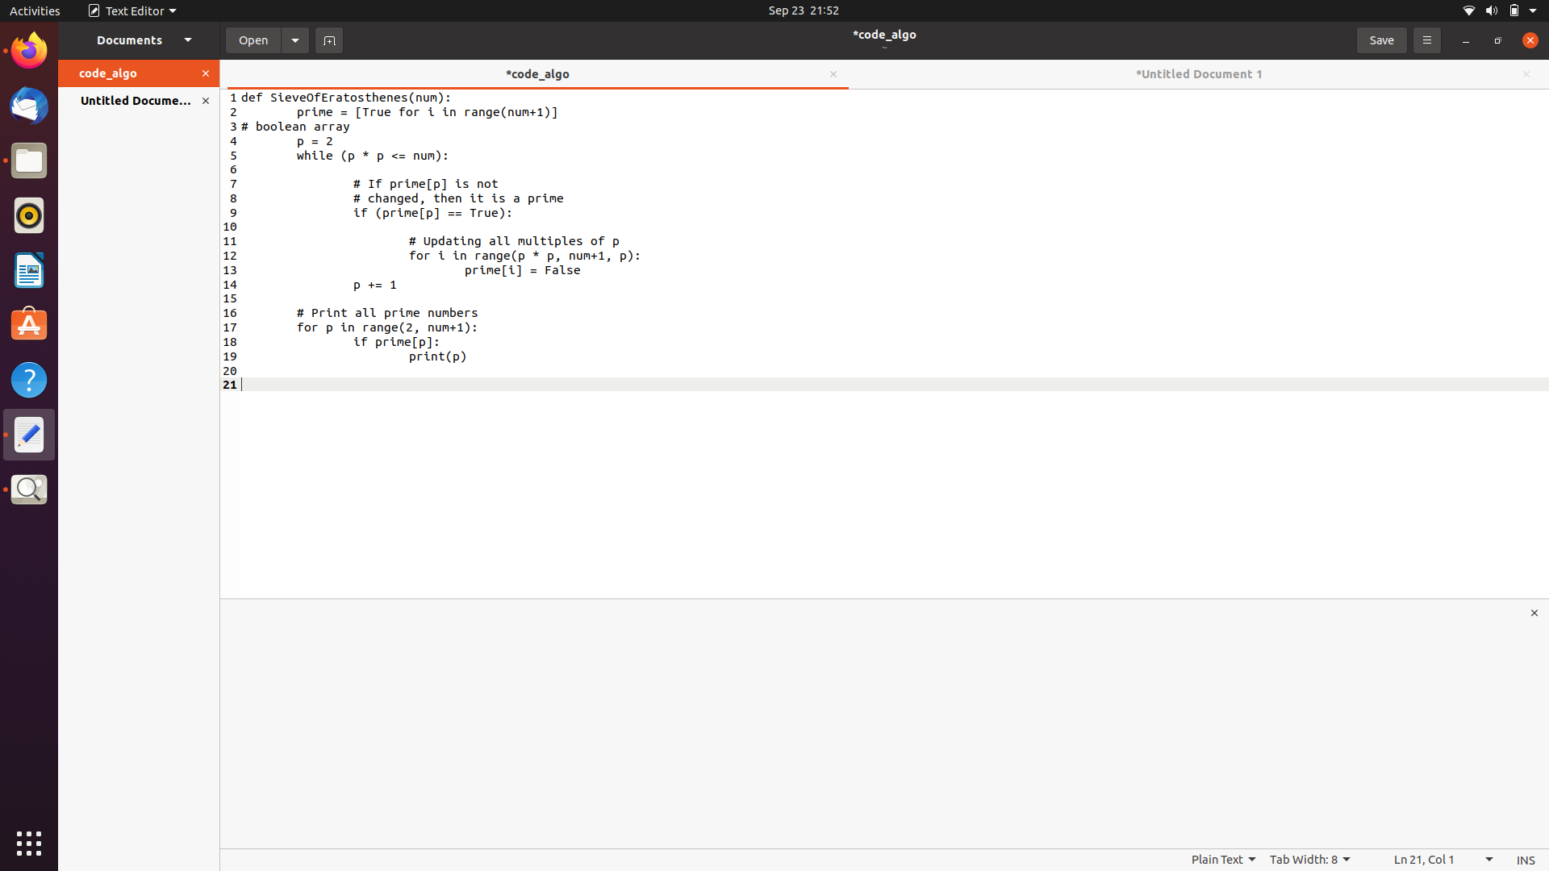  What do you see at coordinates (127, 100) in the screenshot?
I see `the untitled document button from the sidebar` at bounding box center [127, 100].